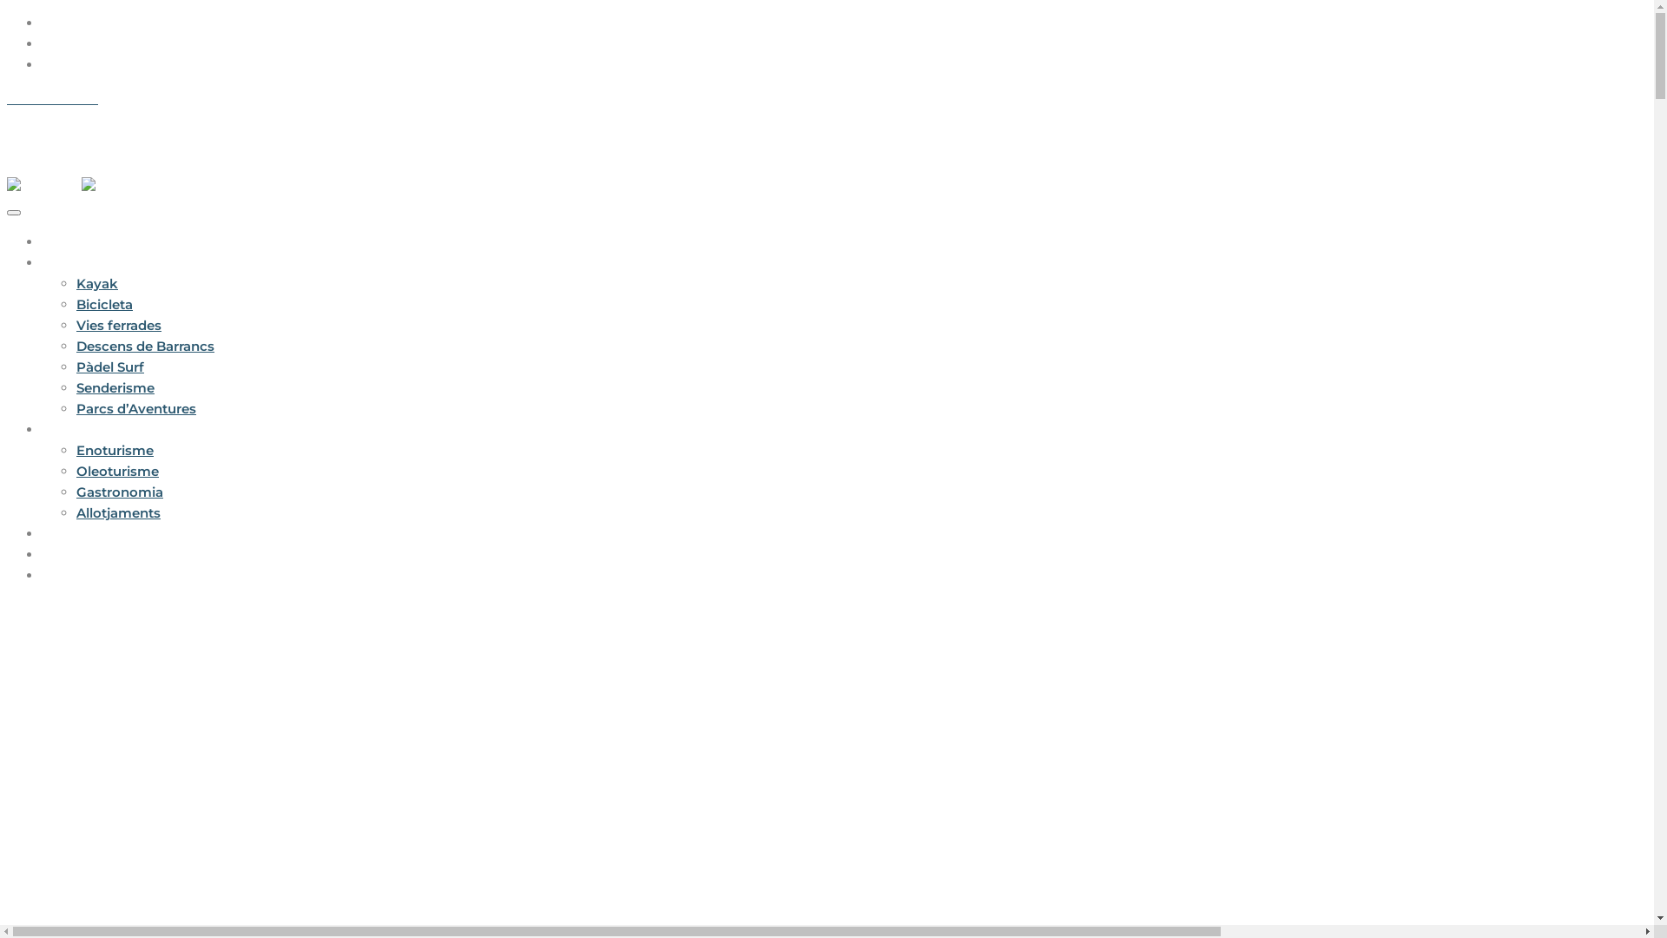 This screenshot has width=1667, height=938. Describe the element at coordinates (86, 429) in the screenshot. I see `'Degustacions'` at that location.